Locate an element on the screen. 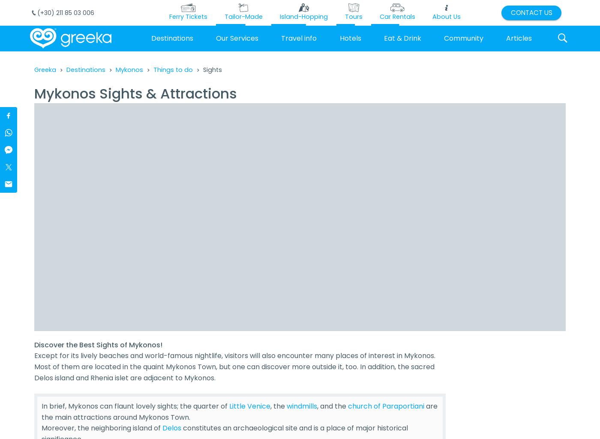 This screenshot has width=600, height=439. 'are the main attractions around Mykonos Town.' is located at coordinates (240, 412).